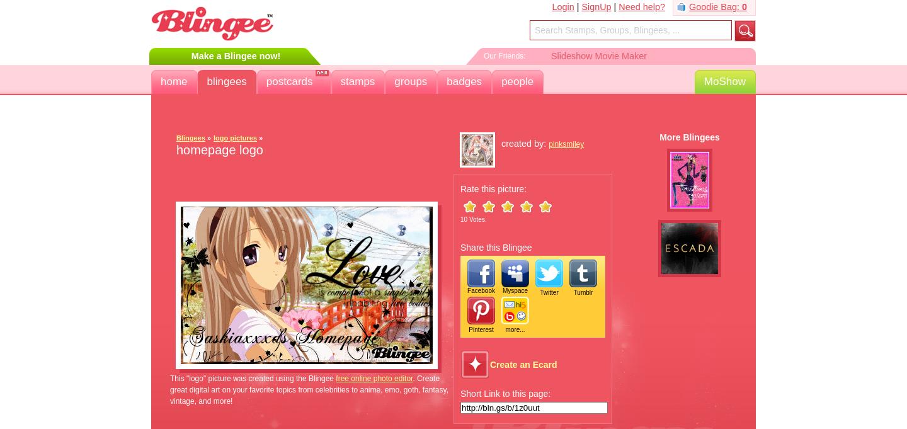 This screenshot has width=907, height=429. Describe the element at coordinates (493, 188) in the screenshot. I see `'Rate this picture:'` at that location.